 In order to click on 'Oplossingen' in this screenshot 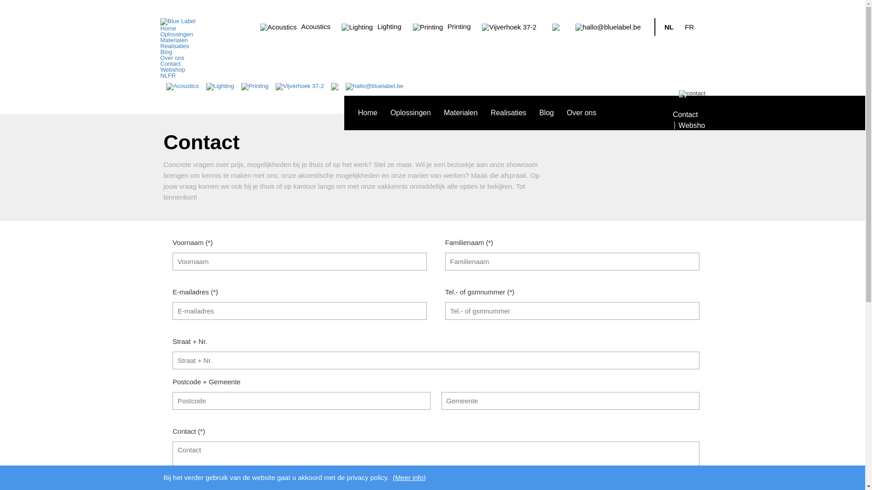, I will do `click(176, 34)`.